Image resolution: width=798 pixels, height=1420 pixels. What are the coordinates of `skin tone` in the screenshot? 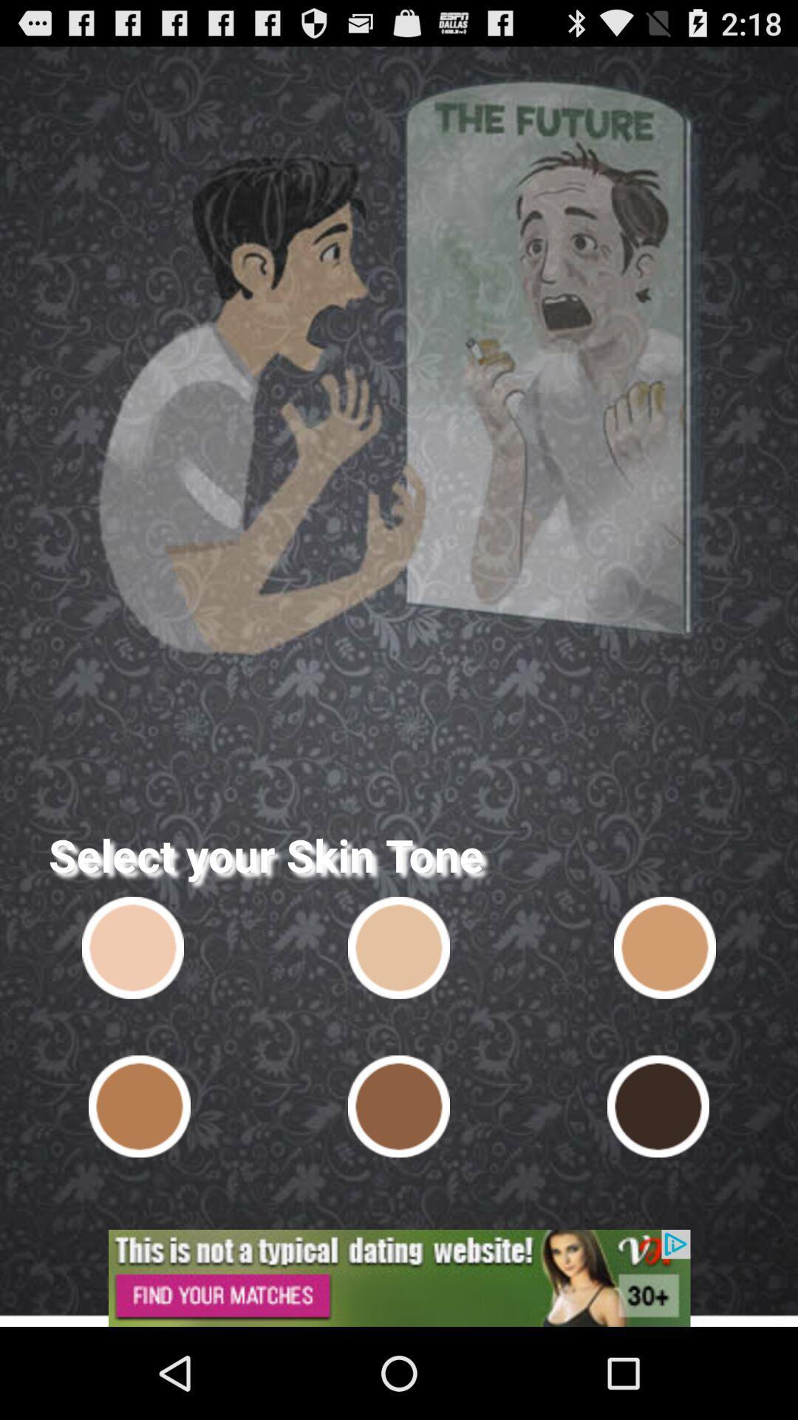 It's located at (664, 947).